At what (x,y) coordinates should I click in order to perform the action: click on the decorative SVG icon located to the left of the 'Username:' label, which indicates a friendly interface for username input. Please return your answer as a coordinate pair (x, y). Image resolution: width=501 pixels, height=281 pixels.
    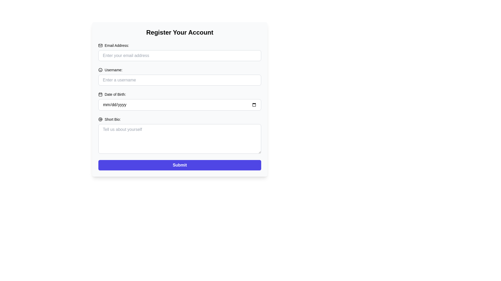
    Looking at the image, I should click on (100, 70).